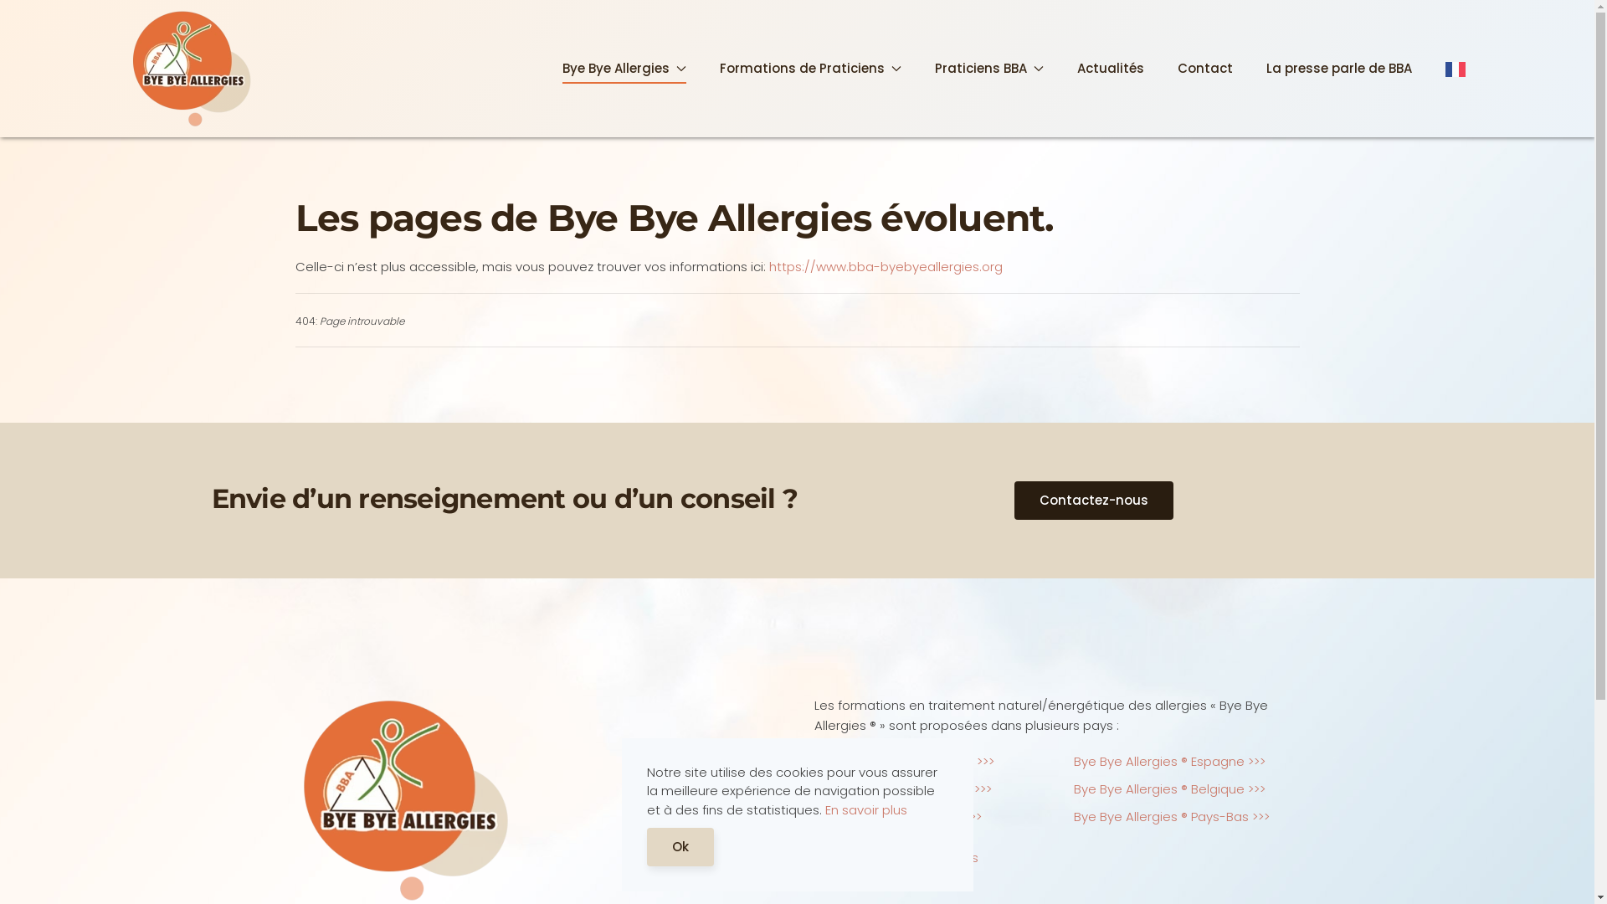  I want to click on 'https://www.bba-byebyeallergies.org', so click(884, 265).